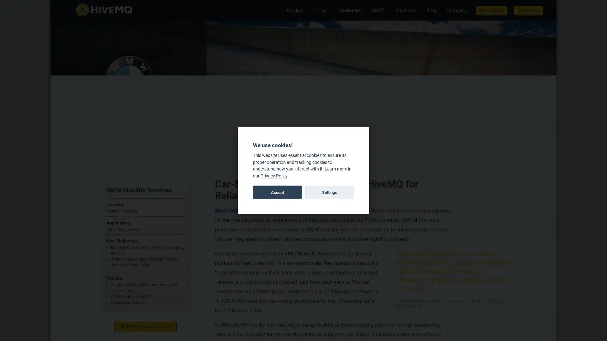 This screenshot has width=607, height=341. I want to click on Get HiveMQ, so click(491, 10).